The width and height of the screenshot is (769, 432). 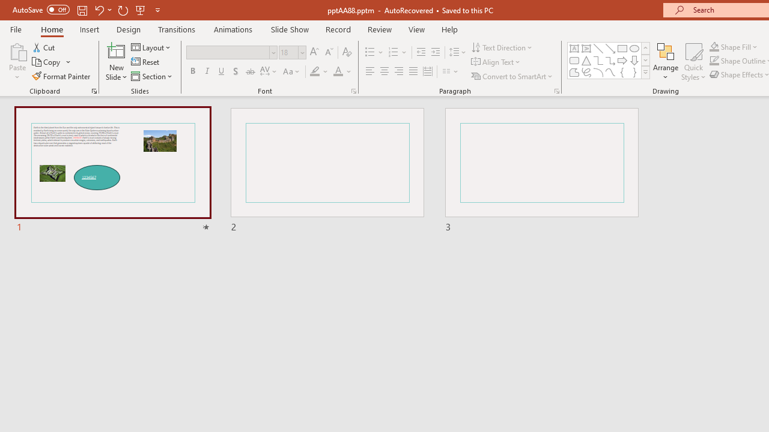 What do you see at coordinates (586, 60) in the screenshot?
I see `'Isosceles Triangle'` at bounding box center [586, 60].